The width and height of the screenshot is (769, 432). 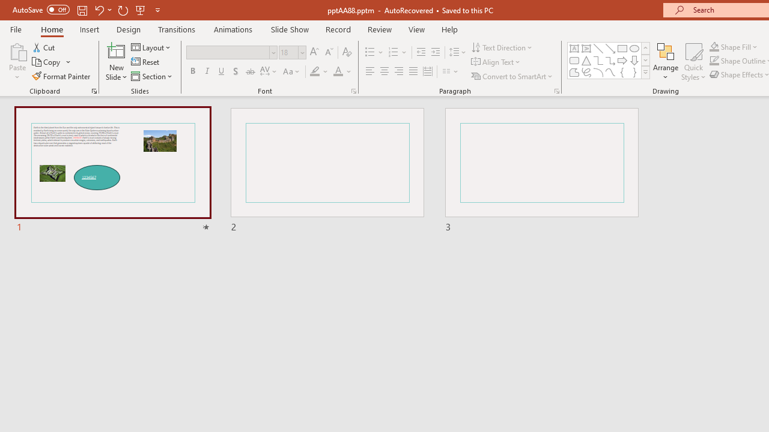 What do you see at coordinates (586, 60) in the screenshot?
I see `'Isosceles Triangle'` at bounding box center [586, 60].